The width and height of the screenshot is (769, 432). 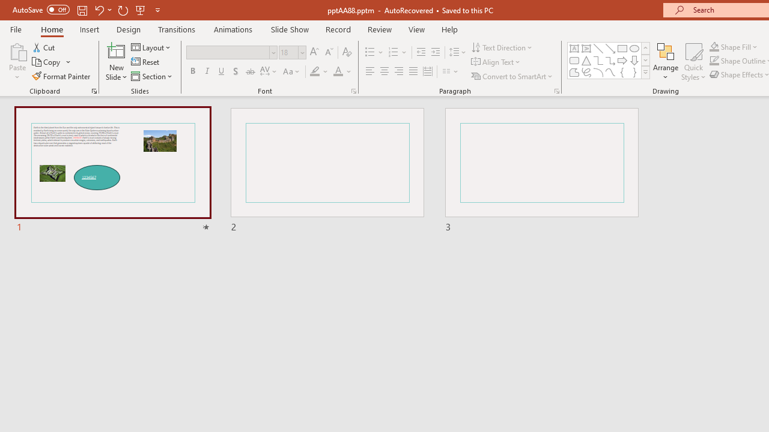 What do you see at coordinates (586, 60) in the screenshot?
I see `'Isosceles Triangle'` at bounding box center [586, 60].